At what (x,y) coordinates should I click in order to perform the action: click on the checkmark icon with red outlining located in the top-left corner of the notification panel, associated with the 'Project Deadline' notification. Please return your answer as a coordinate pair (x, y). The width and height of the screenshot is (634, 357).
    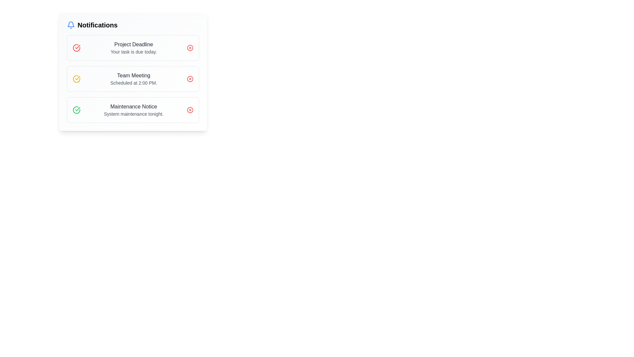
    Looking at the image, I should click on (78, 47).